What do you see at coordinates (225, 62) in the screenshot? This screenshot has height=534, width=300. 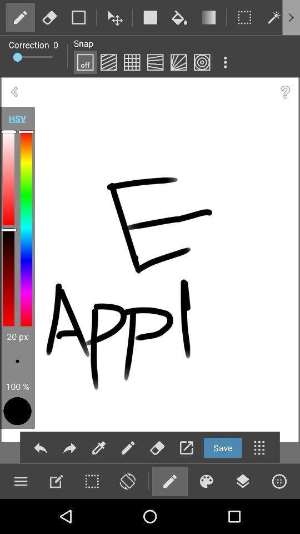 I see `open menu` at bounding box center [225, 62].